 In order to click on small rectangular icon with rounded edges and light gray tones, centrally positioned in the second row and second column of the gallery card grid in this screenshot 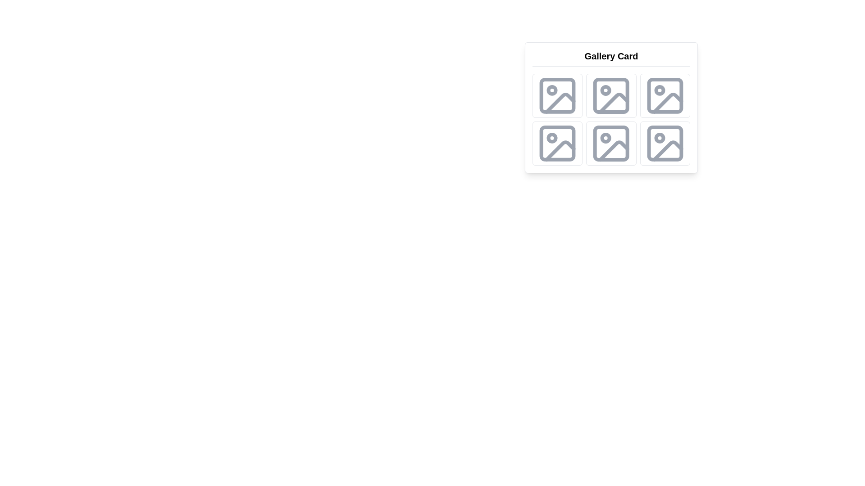, I will do `click(611, 95)`.